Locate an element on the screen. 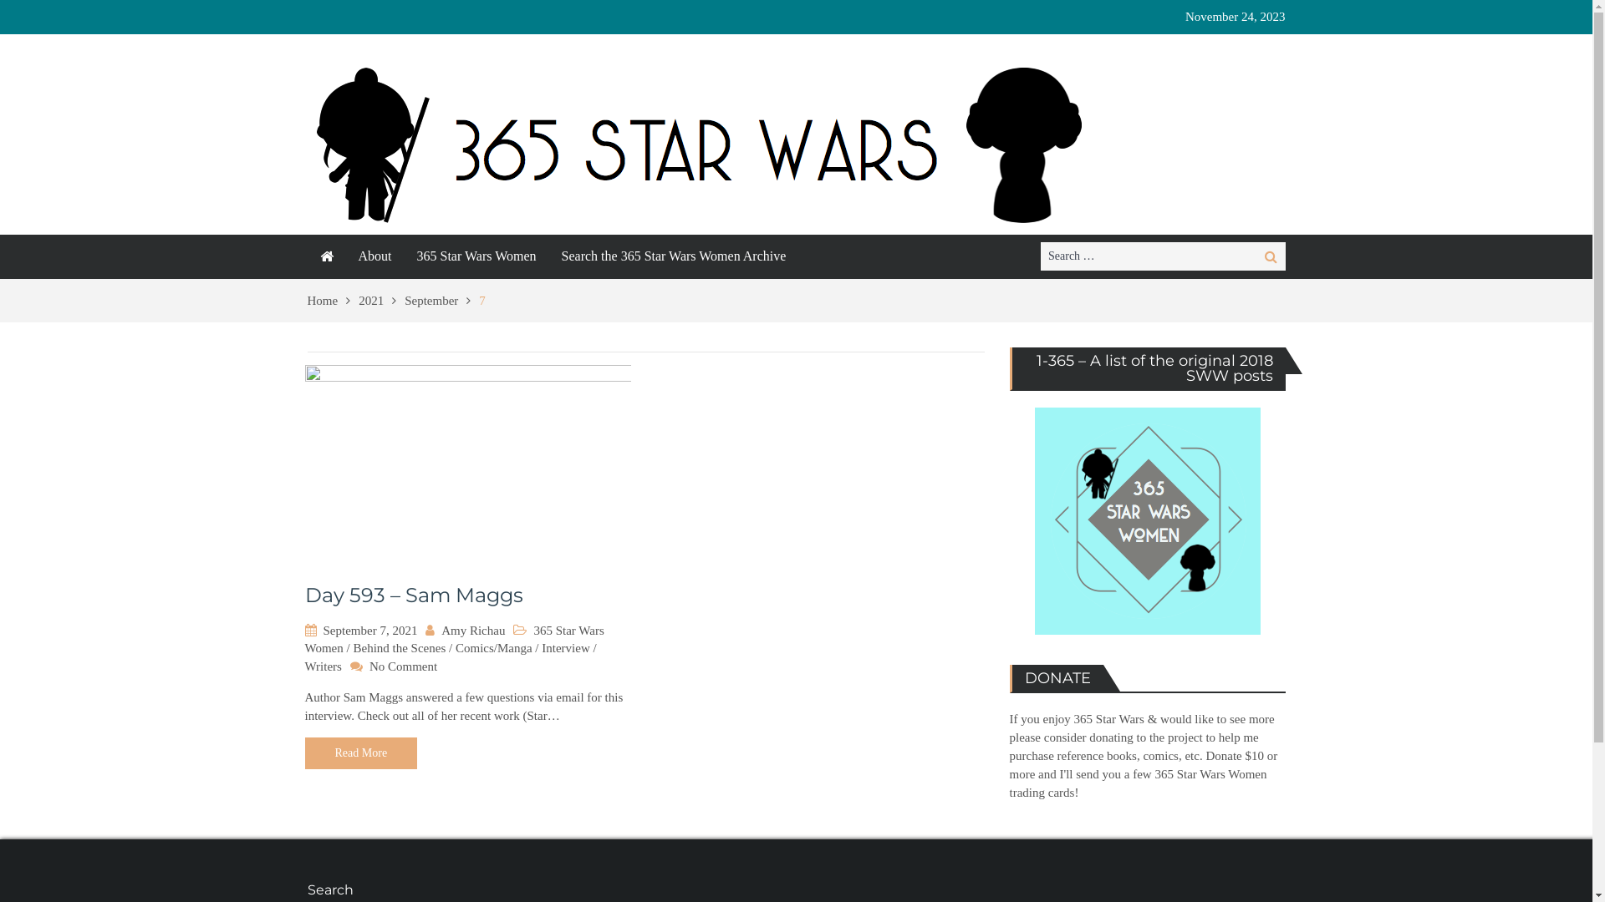 Image resolution: width=1605 pixels, height=902 pixels. 'Amy Richau' is located at coordinates (472, 631).